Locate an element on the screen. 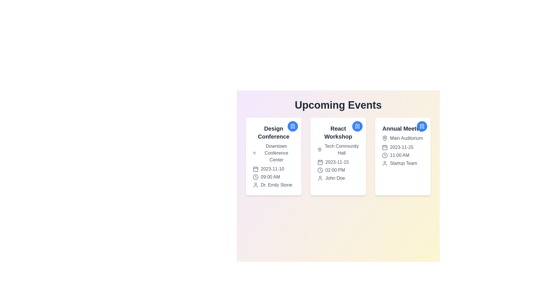  the user profile silhouette icon located in the 'Annual Meet' card under the 'Startup Team' text is located at coordinates (385, 163).